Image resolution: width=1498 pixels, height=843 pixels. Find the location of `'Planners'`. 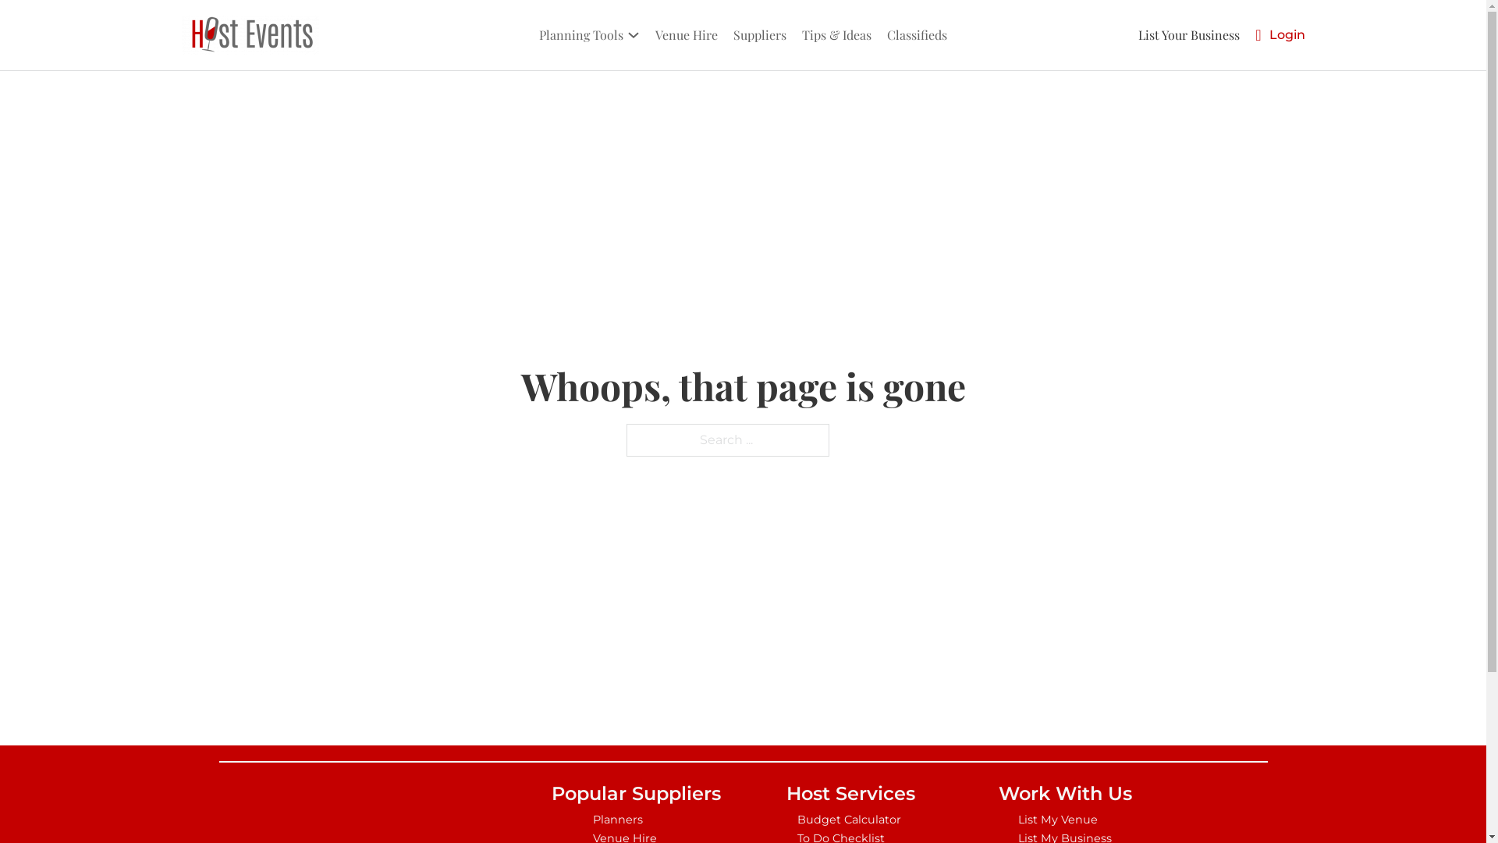

'Planners' is located at coordinates (636, 818).